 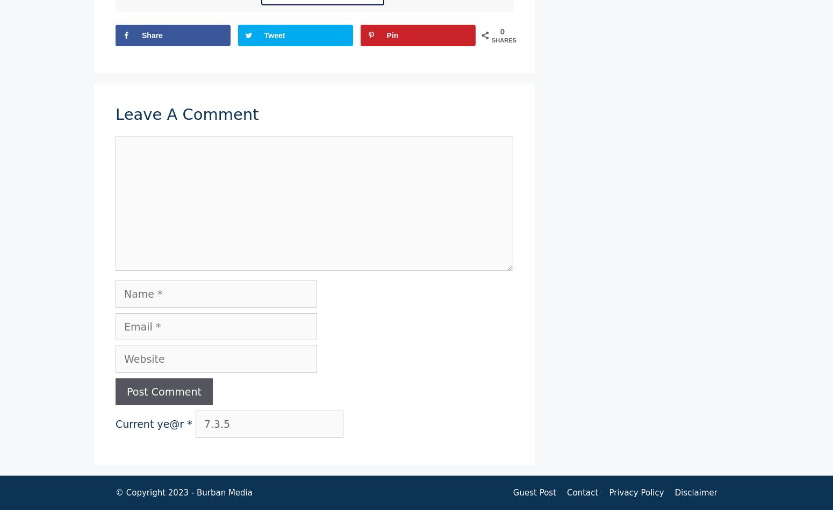 What do you see at coordinates (674, 491) in the screenshot?
I see `'Disclaimer'` at bounding box center [674, 491].